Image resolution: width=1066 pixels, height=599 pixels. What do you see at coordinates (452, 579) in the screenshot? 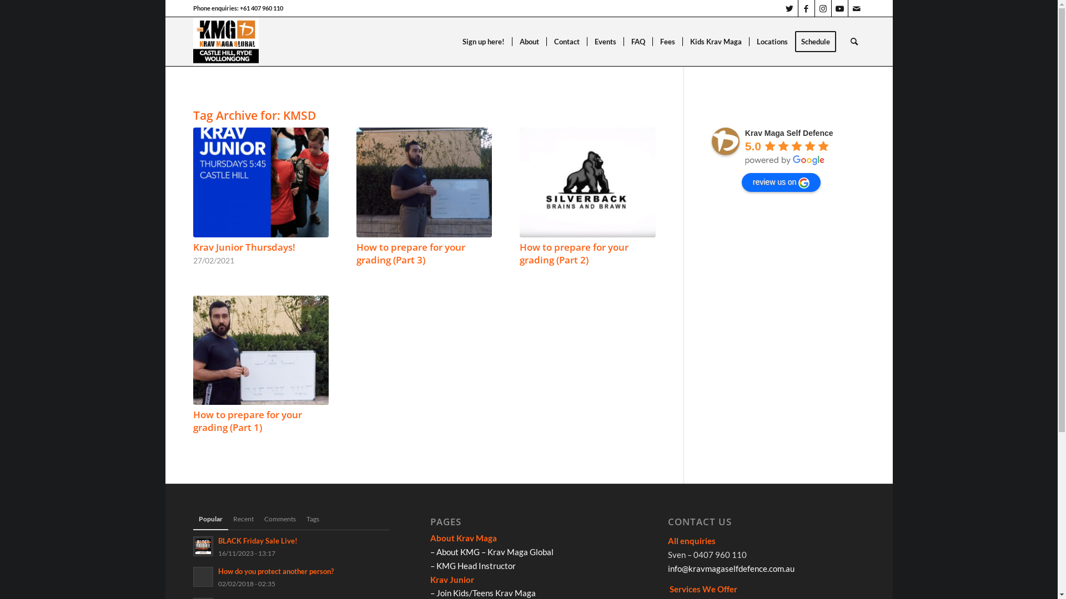
I see `'Krav Junior'` at bounding box center [452, 579].